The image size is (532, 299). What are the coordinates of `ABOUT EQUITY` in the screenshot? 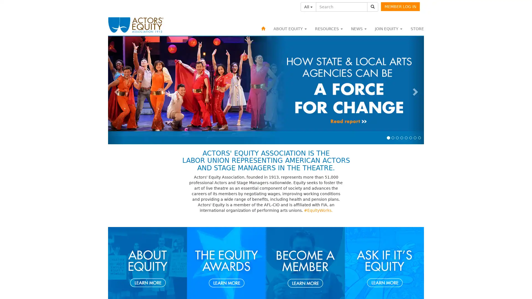 It's located at (290, 29).